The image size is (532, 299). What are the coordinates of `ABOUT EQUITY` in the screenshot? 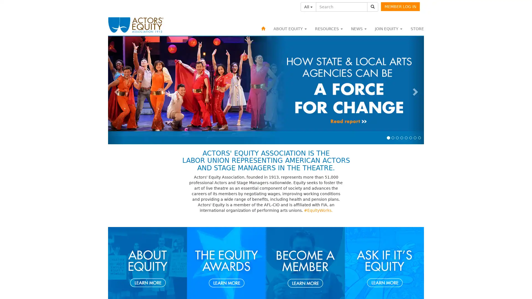 It's located at (290, 29).